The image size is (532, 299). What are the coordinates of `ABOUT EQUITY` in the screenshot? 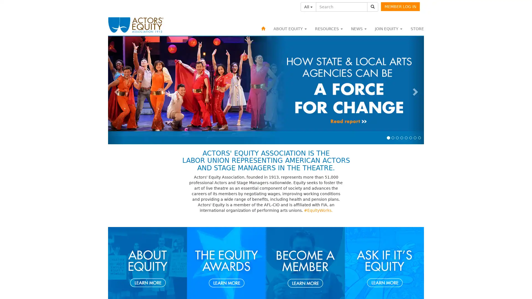 It's located at (290, 29).